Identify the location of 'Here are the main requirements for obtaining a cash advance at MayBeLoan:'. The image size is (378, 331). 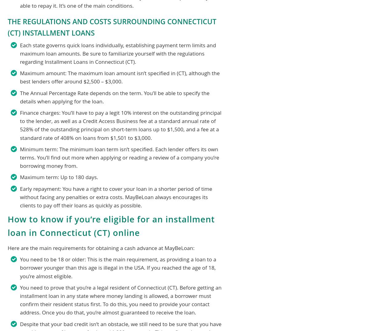
(7, 248).